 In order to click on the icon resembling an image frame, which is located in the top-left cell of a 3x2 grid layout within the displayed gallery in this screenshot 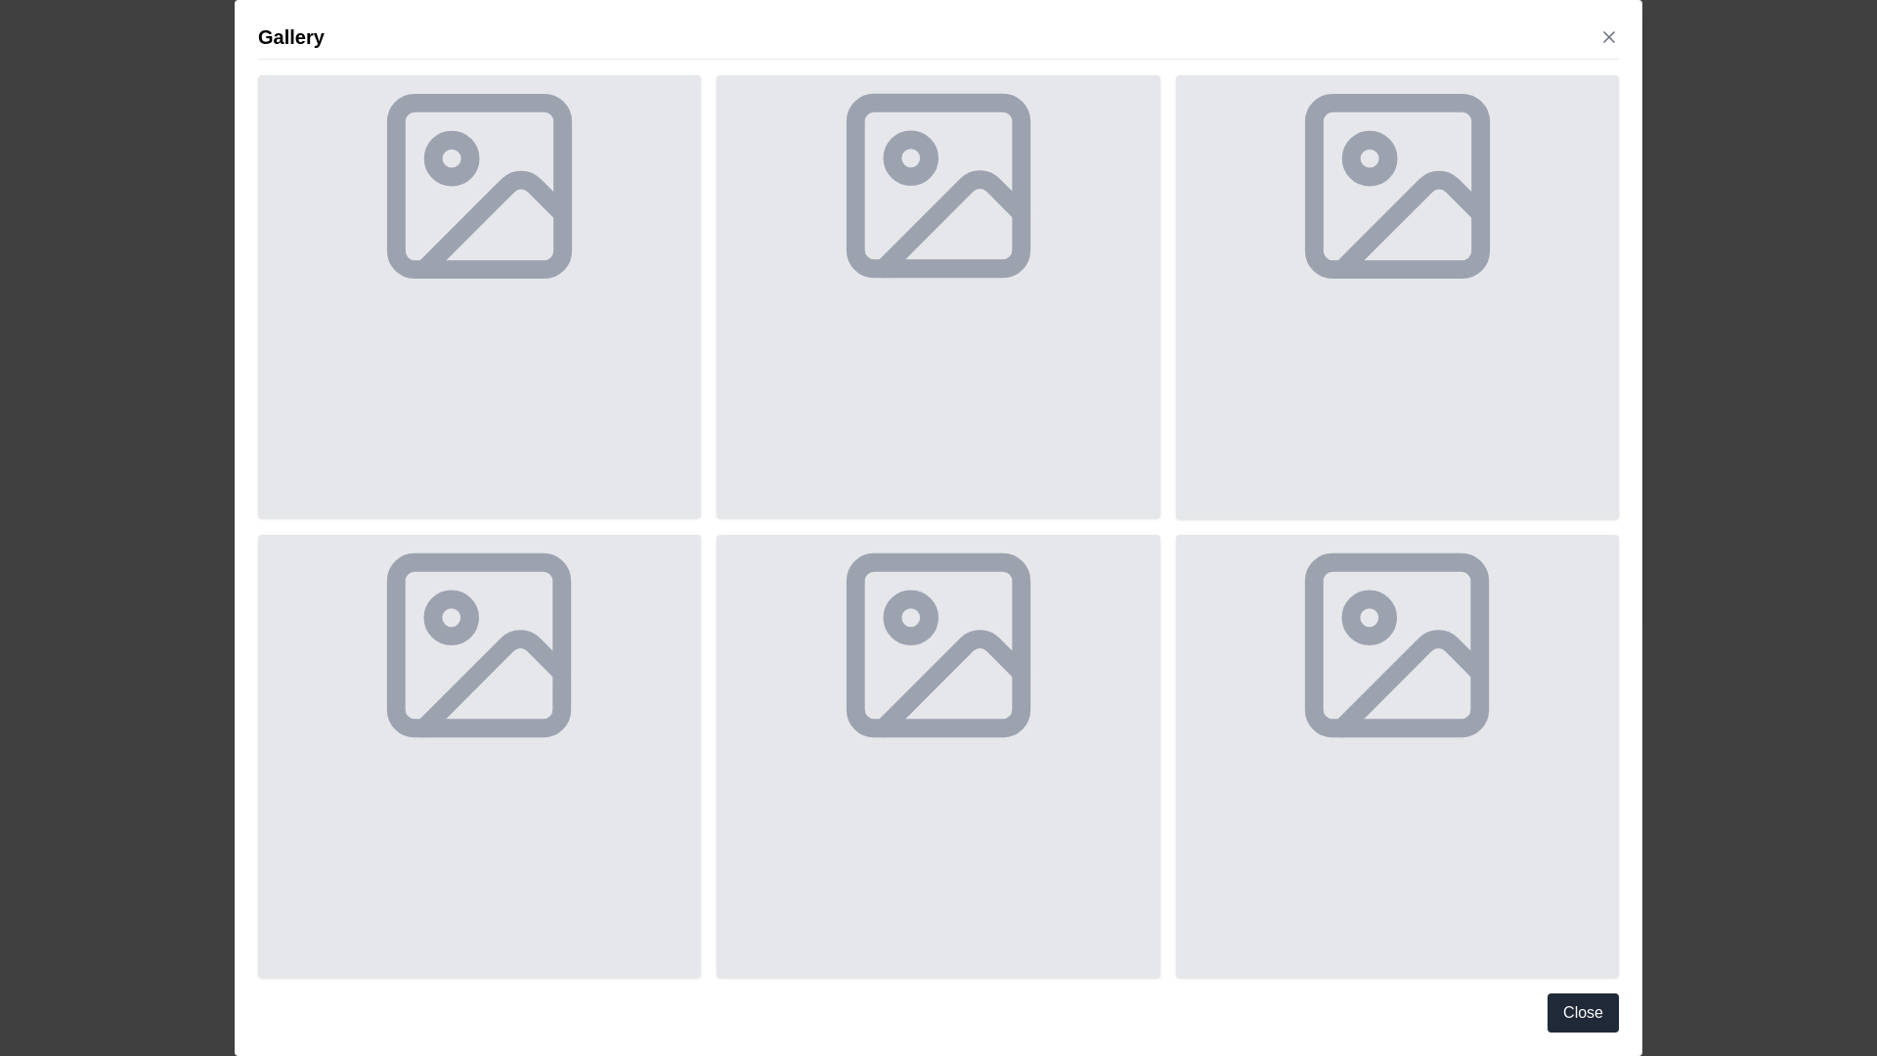, I will do `click(479, 186)`.